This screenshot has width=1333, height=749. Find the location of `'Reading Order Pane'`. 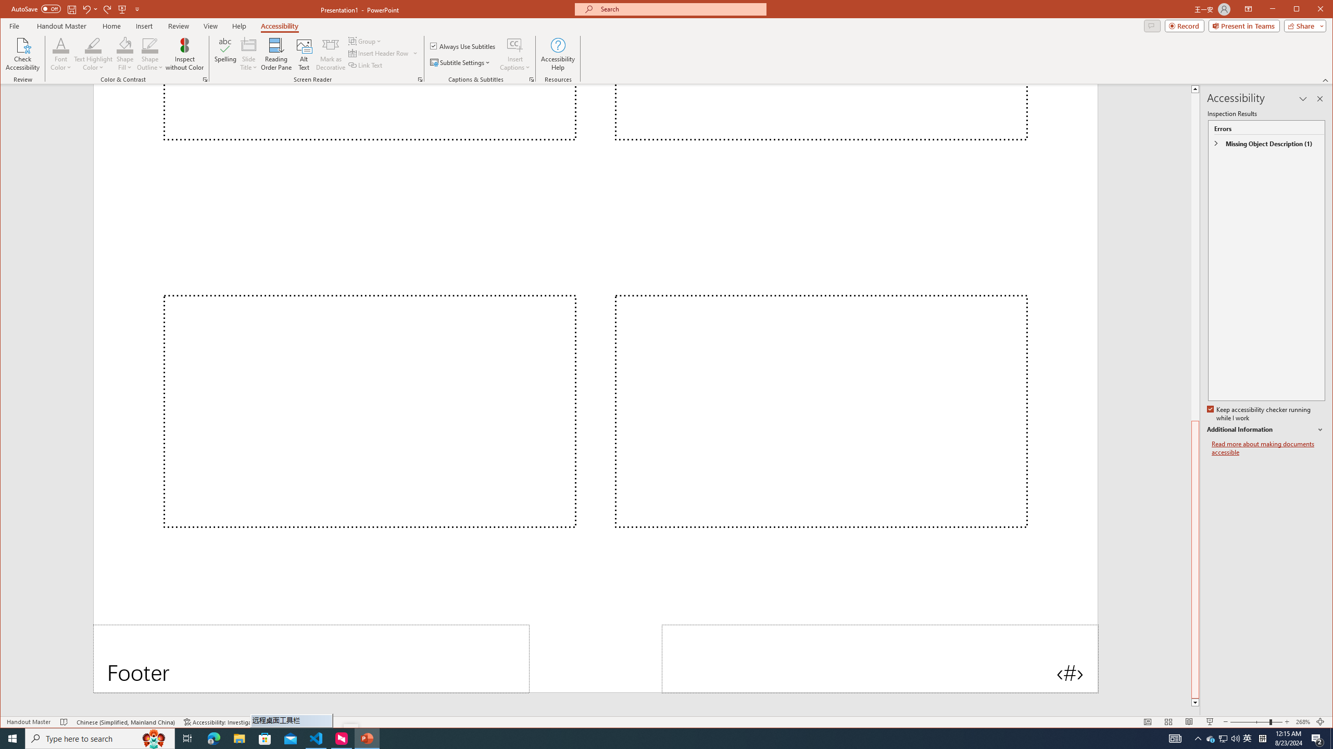

'Reading Order Pane' is located at coordinates (276, 54).